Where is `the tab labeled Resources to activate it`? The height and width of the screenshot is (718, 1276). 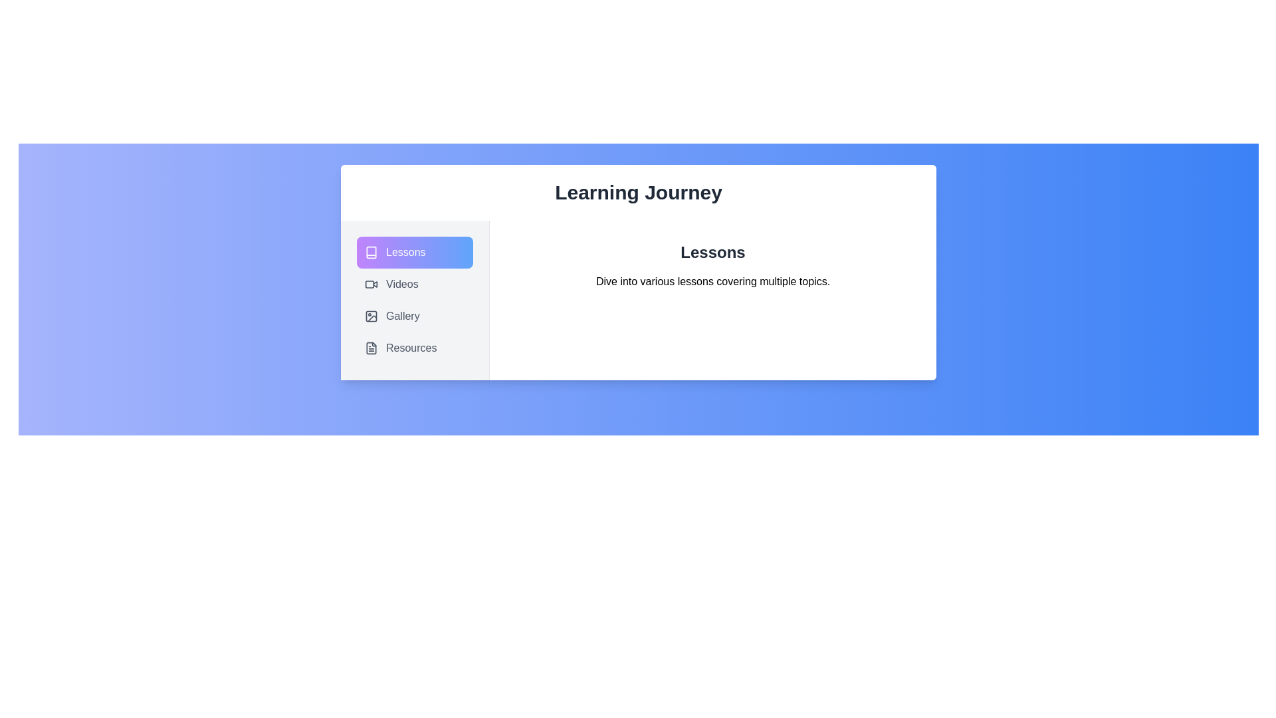
the tab labeled Resources to activate it is located at coordinates (414, 348).